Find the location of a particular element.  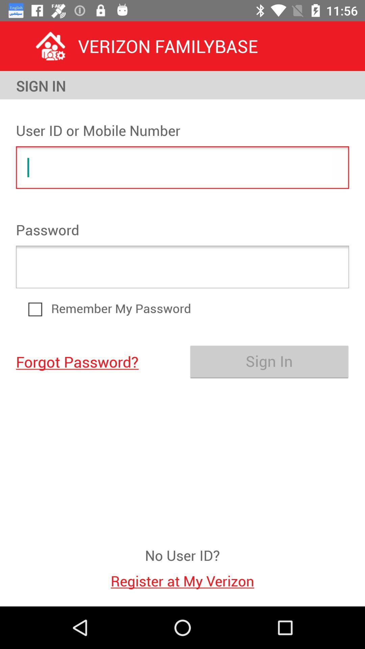

the register at my icon is located at coordinates (182, 577).